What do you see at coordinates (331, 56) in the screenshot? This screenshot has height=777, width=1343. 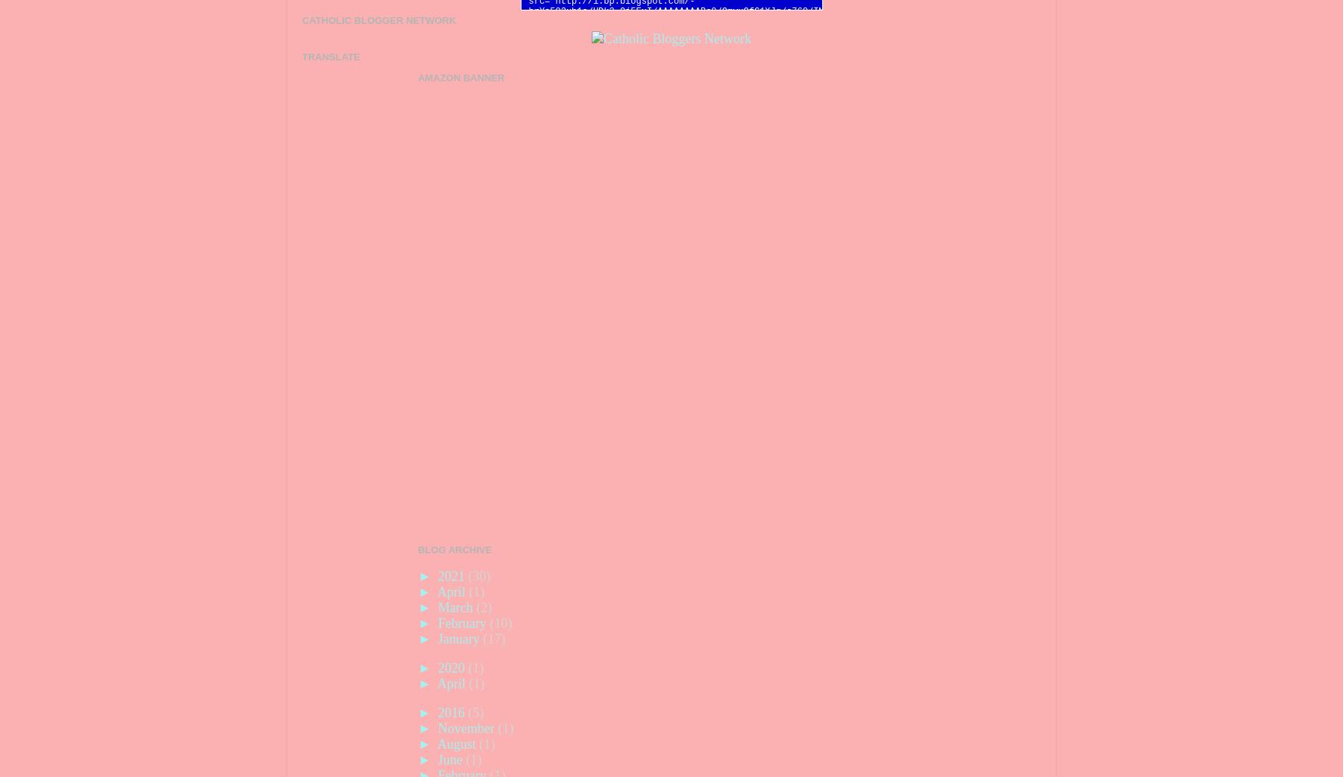 I see `'Translate'` at bounding box center [331, 56].